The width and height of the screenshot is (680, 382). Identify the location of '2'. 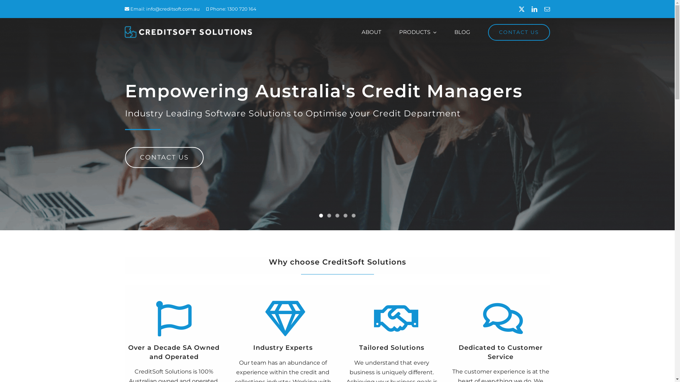
(329, 215).